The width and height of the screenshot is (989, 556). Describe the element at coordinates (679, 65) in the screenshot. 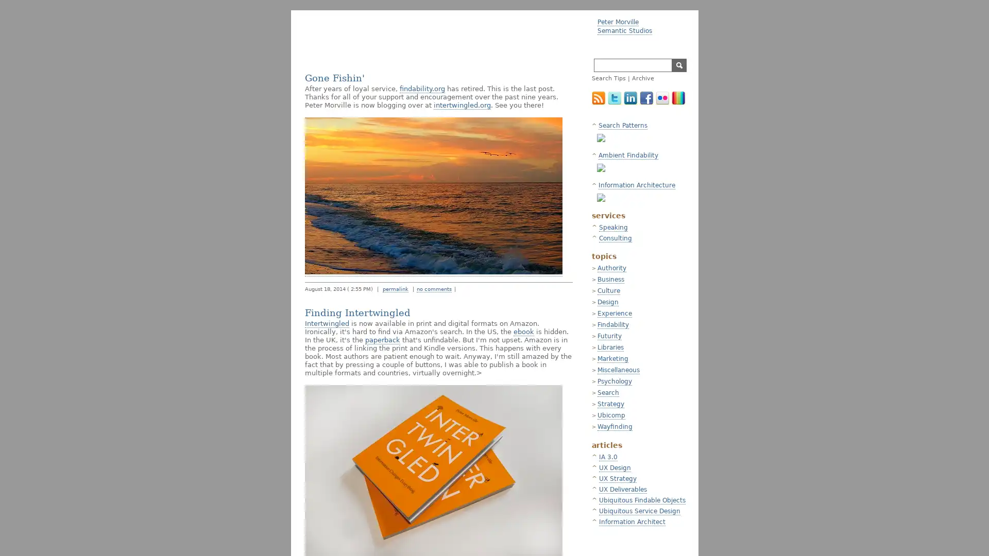

I see `SUBMIT` at that location.